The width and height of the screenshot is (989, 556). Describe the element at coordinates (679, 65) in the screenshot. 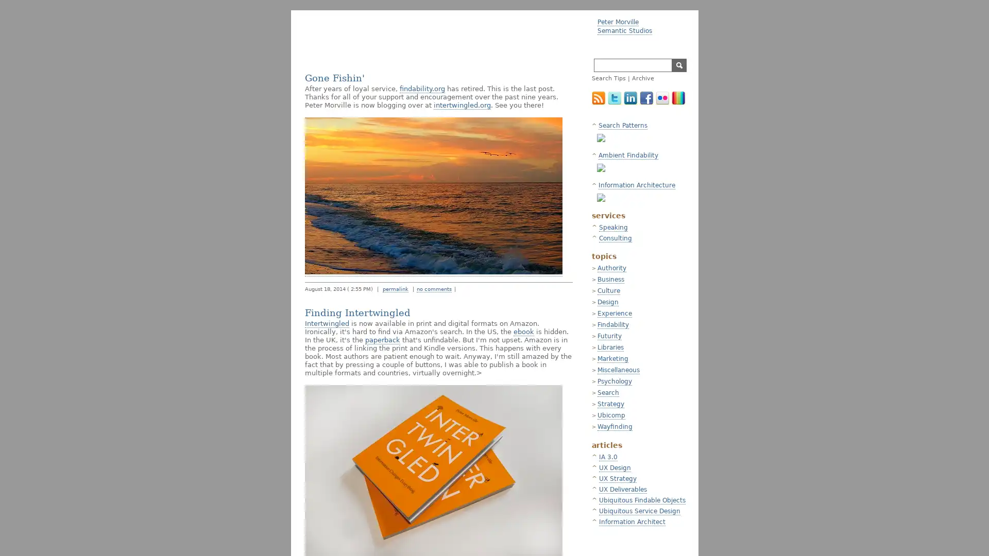

I see `SUBMIT` at that location.